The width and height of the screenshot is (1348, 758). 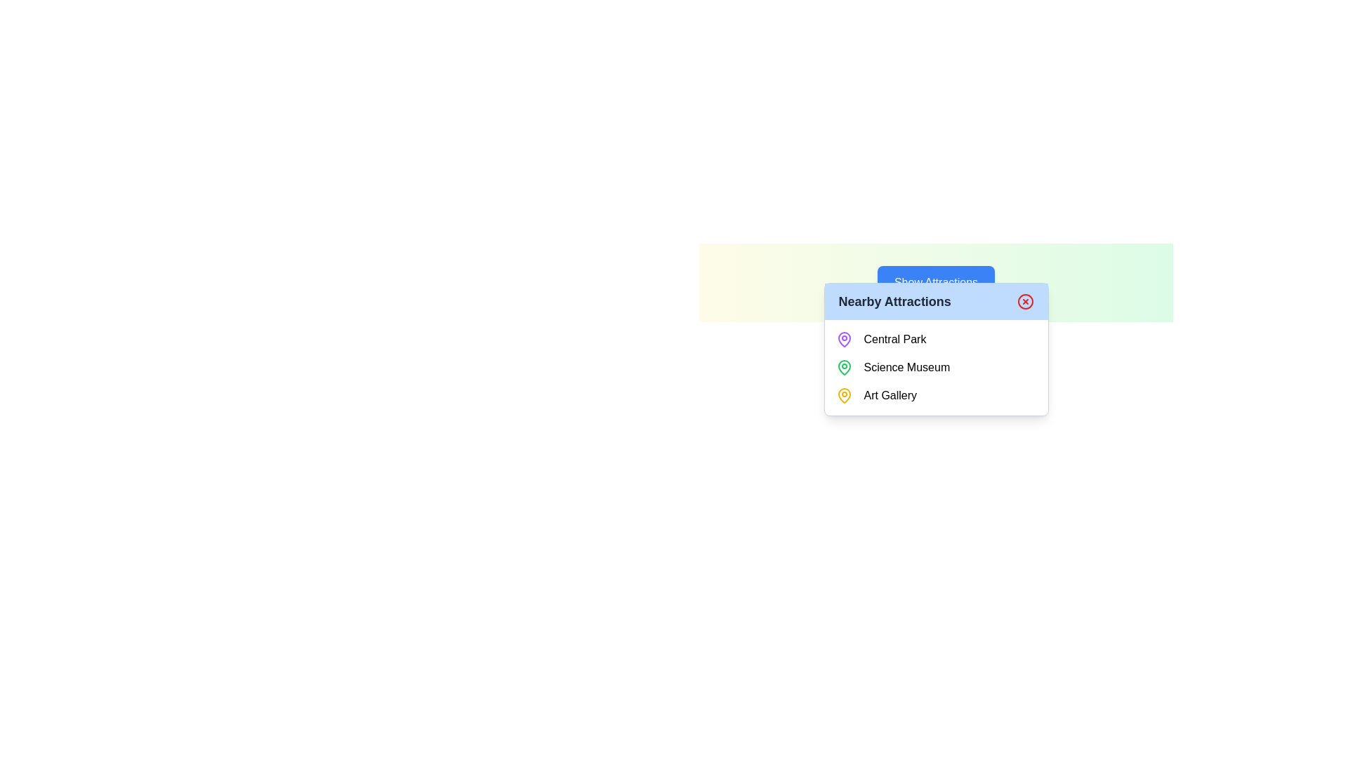 I want to click on the close button located in the top-right corner of the 'Nearby Attractions' pop-up panel, so click(x=1025, y=300).